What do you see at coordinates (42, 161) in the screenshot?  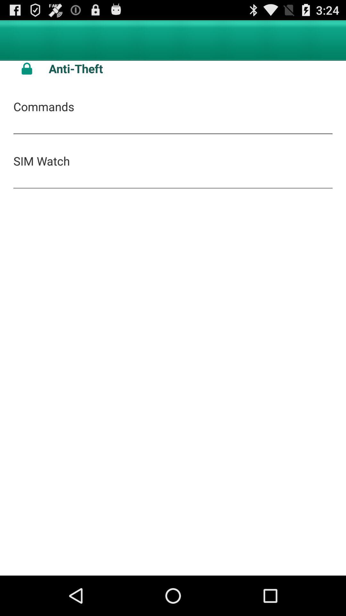 I see `the sim watch app` at bounding box center [42, 161].